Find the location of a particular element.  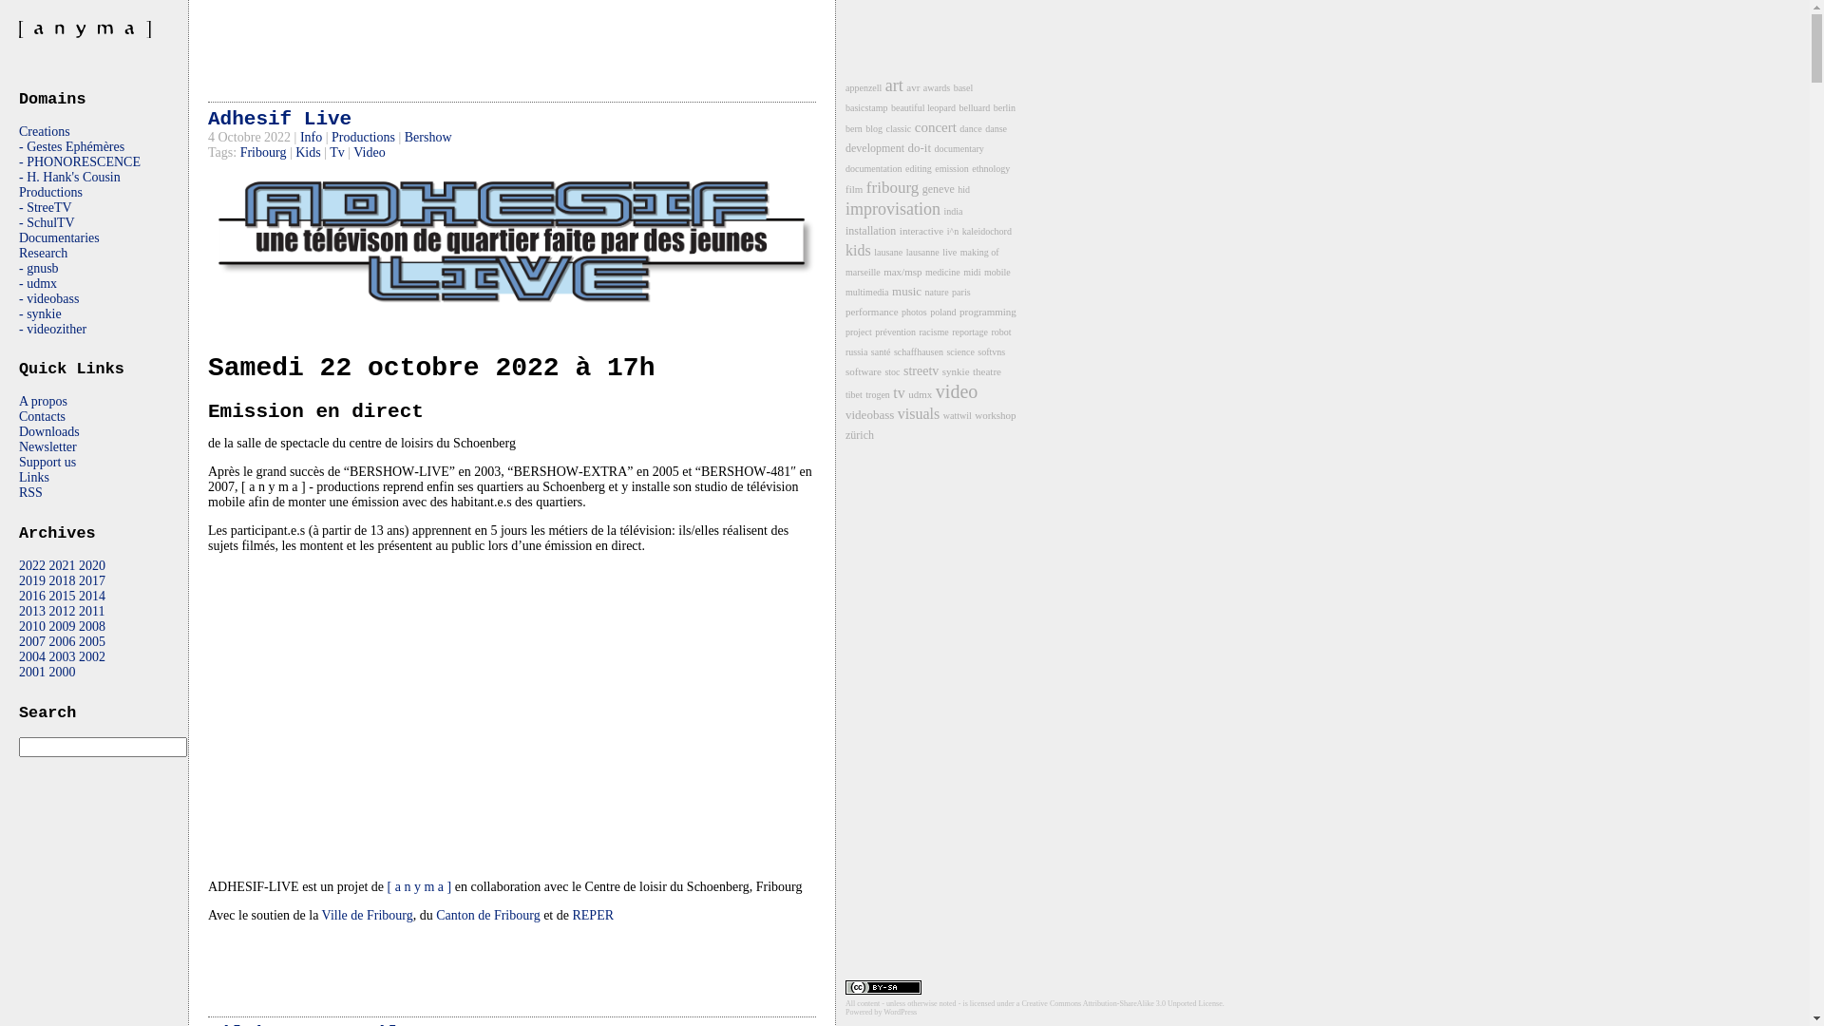

'lausane' is located at coordinates (887, 251).